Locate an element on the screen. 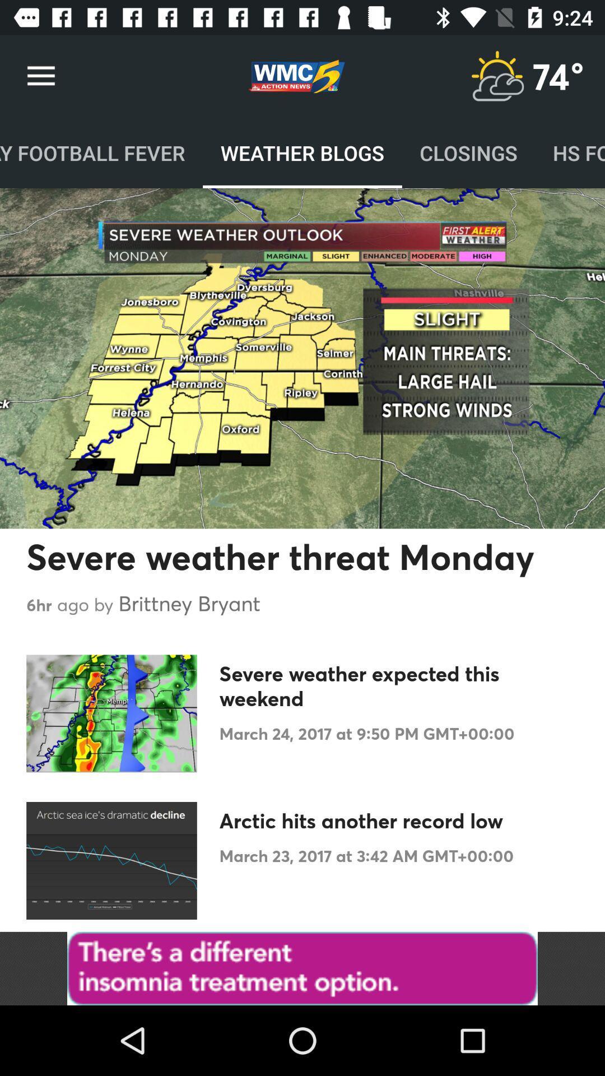 This screenshot has width=605, height=1076. advertisement is located at coordinates (302, 968).